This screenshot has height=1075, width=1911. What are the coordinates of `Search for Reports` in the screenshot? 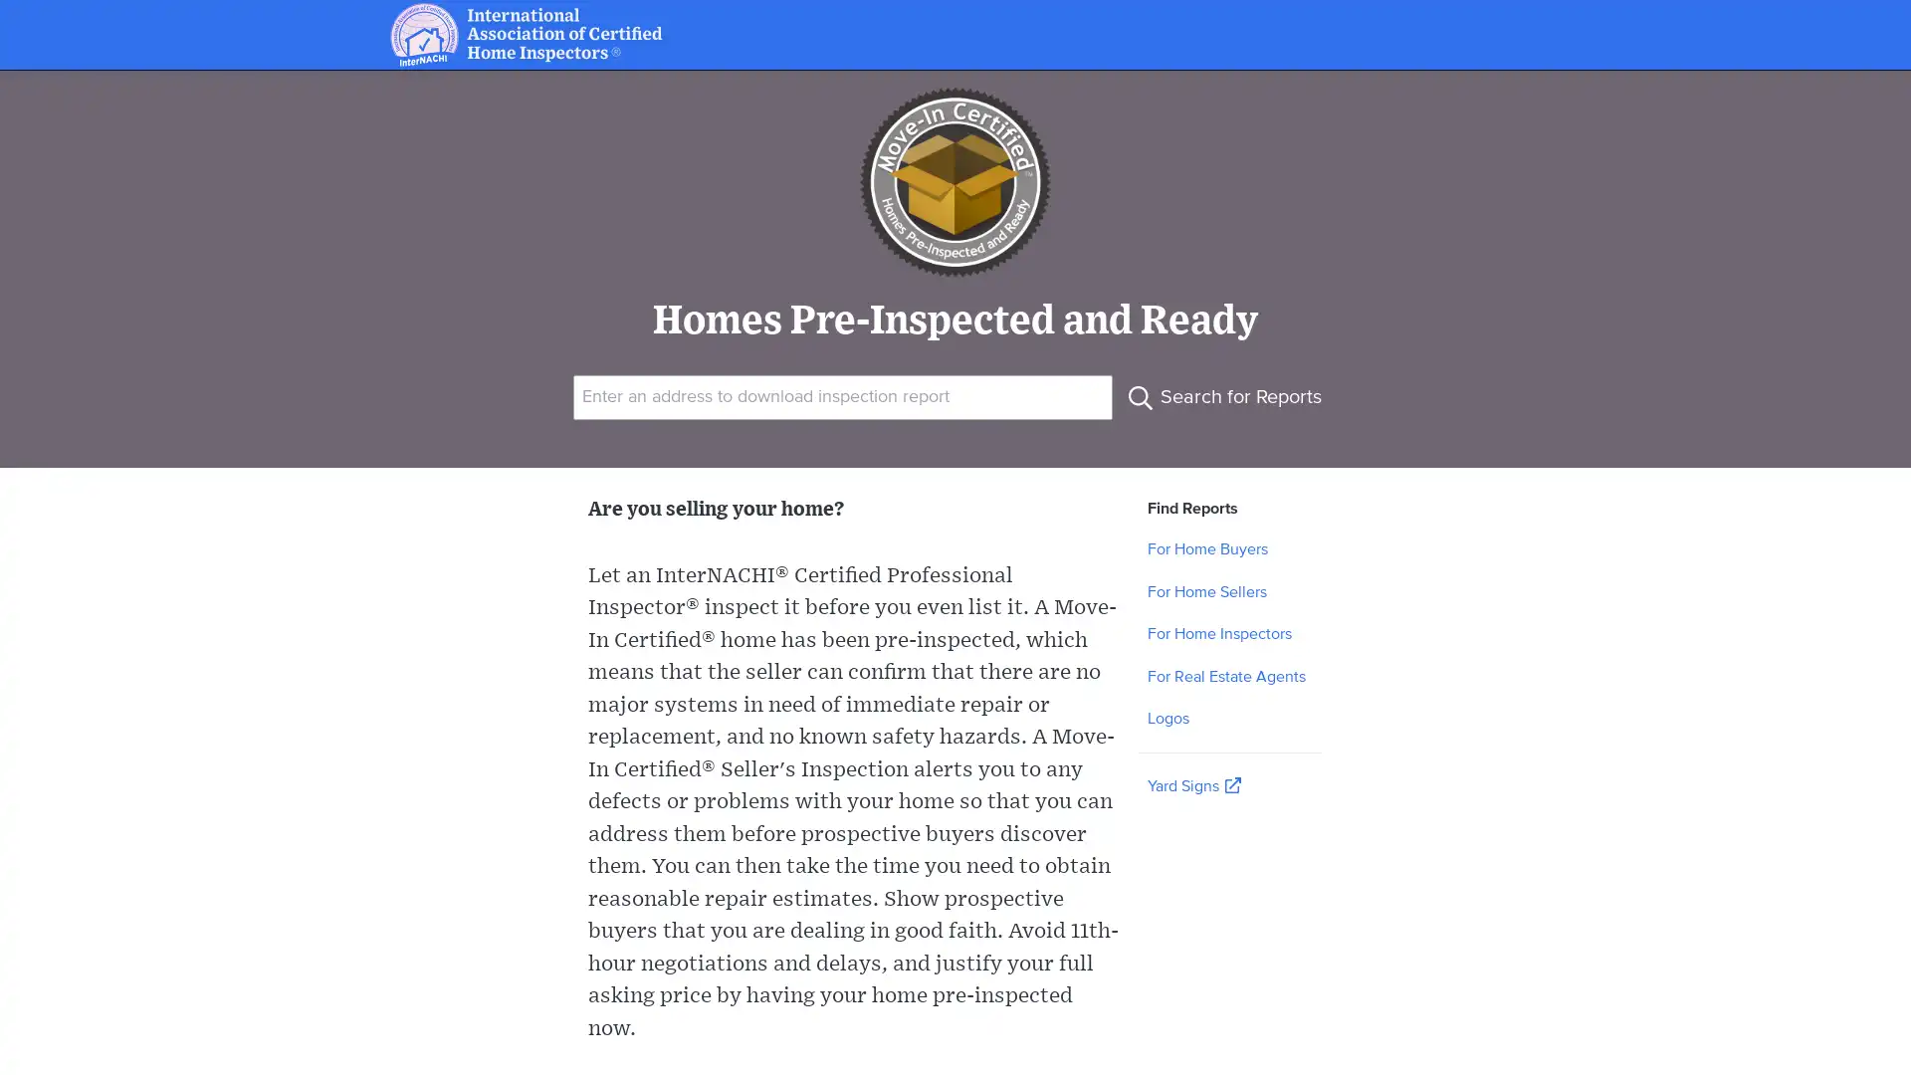 It's located at (1223, 397).